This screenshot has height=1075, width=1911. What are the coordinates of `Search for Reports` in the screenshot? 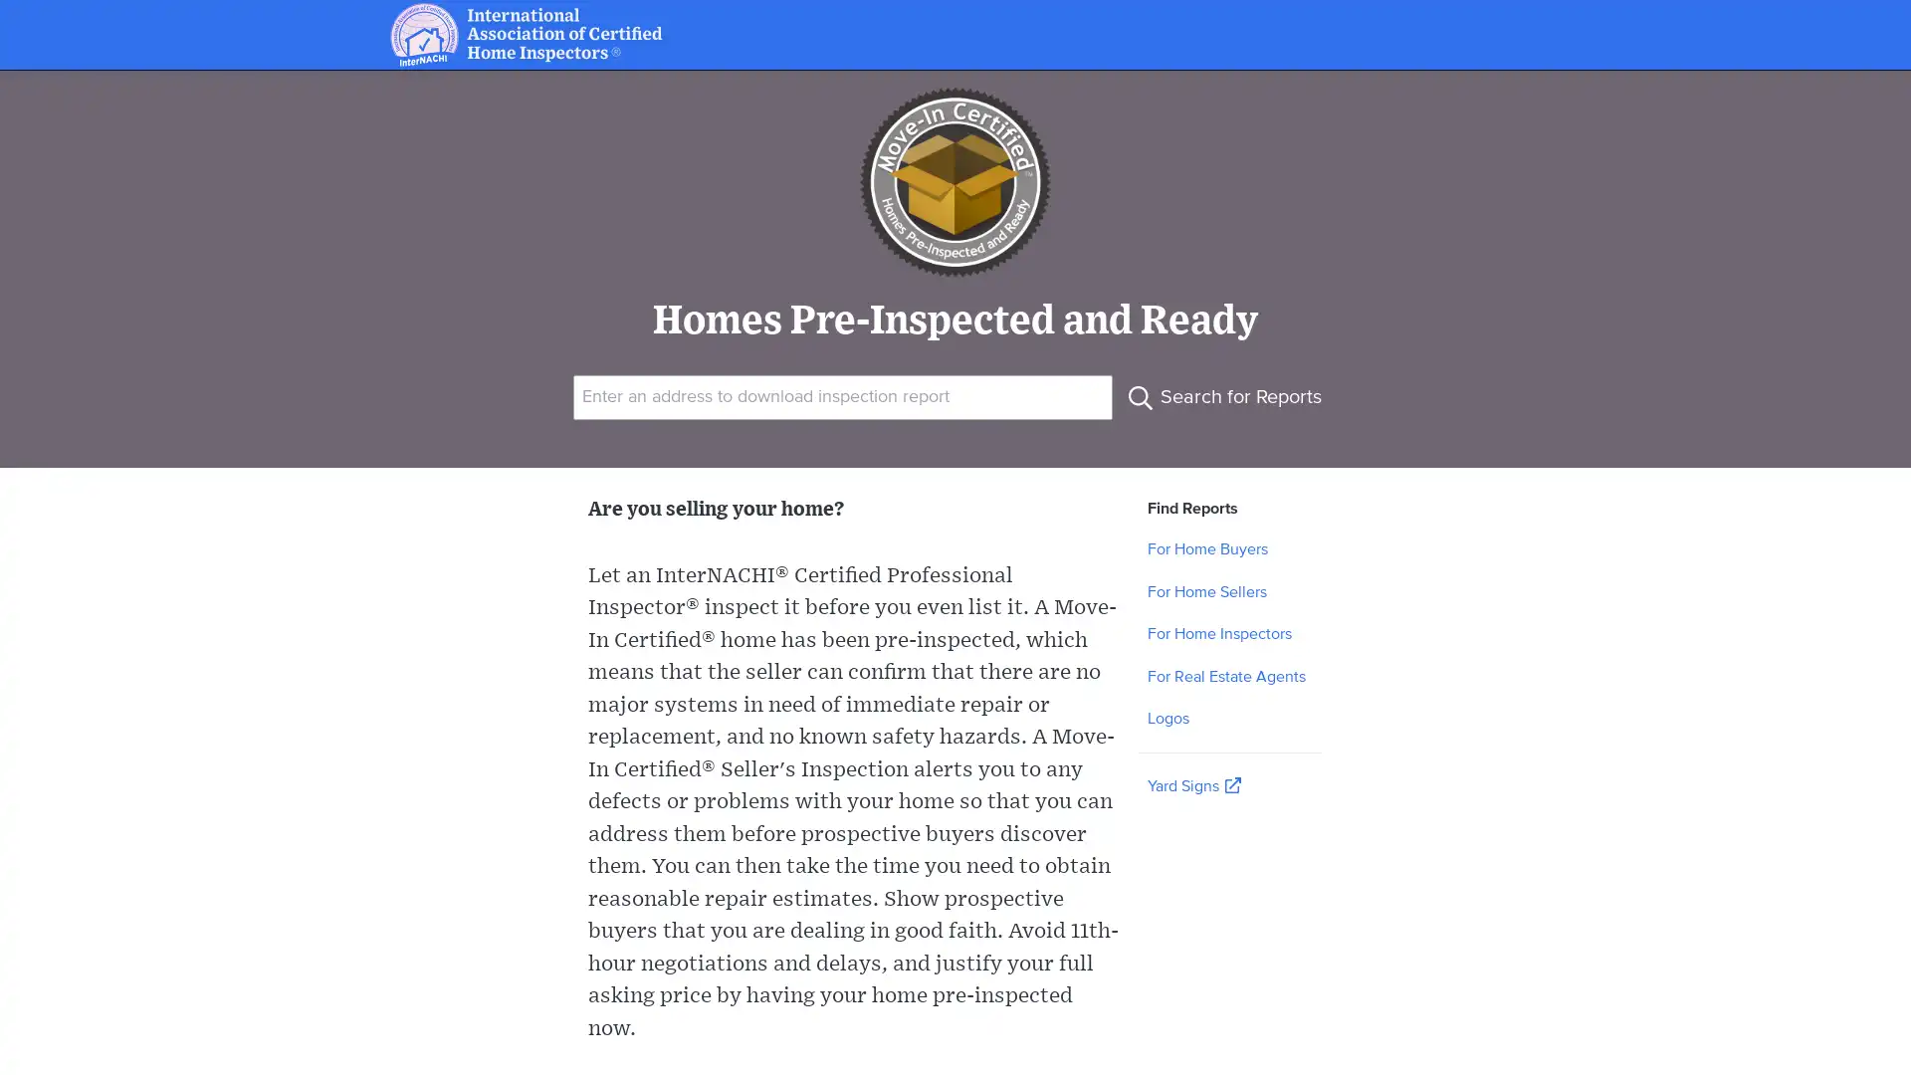 It's located at (1223, 397).